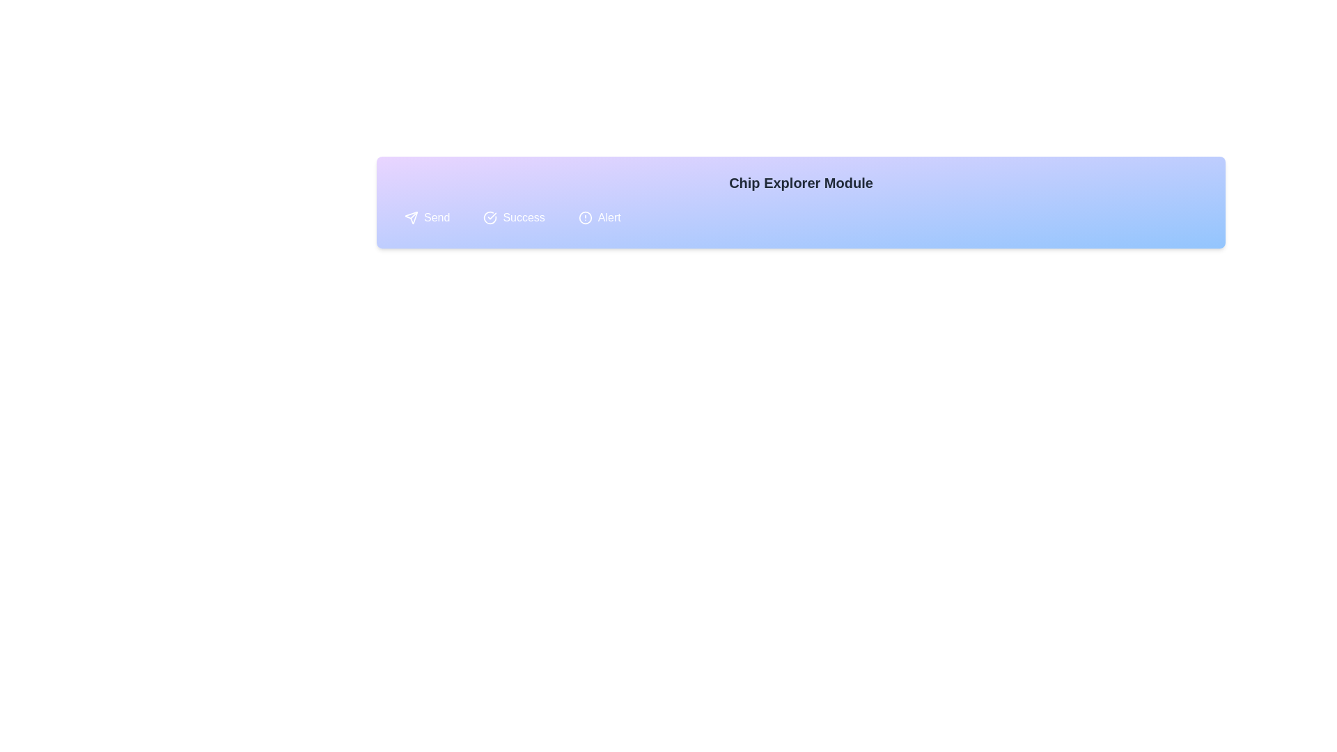 The height and width of the screenshot is (752, 1337). I want to click on the chip labeled Success, so click(513, 217).